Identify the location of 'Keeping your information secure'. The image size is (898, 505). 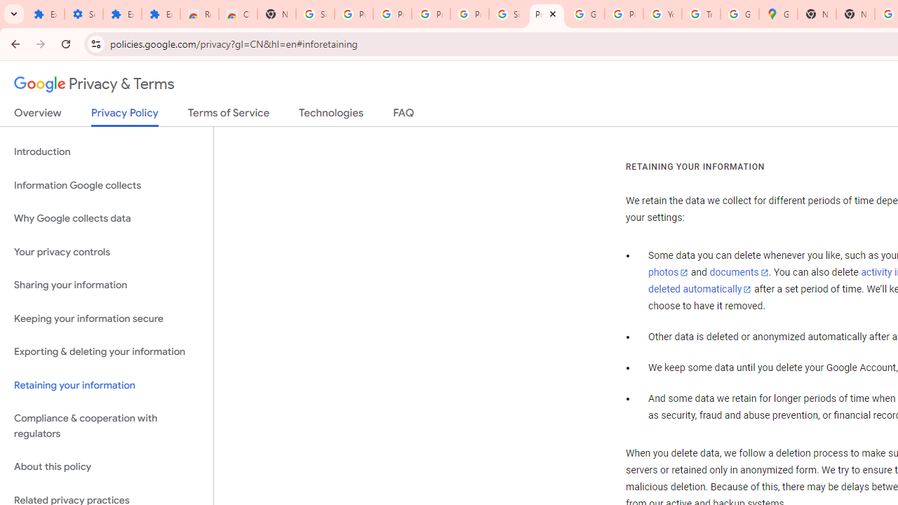
(106, 318).